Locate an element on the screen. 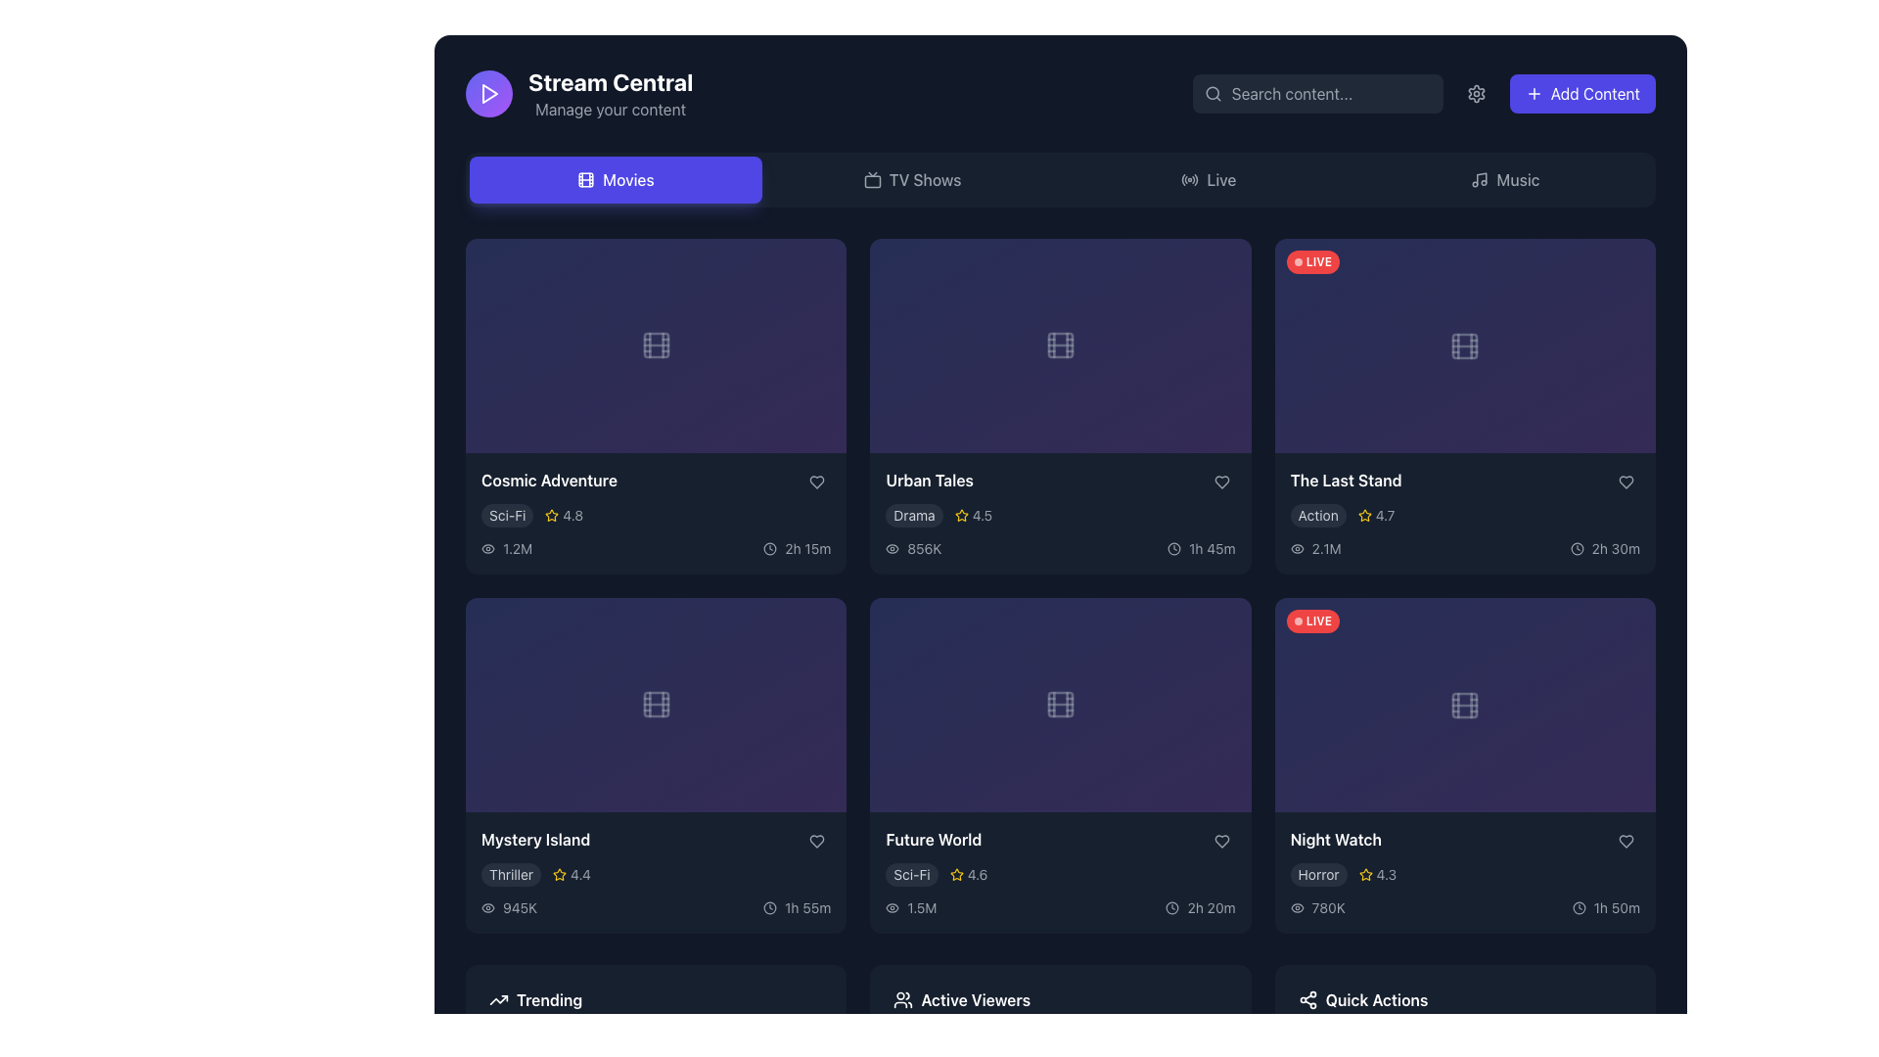 The width and height of the screenshot is (1879, 1057). displayed duration of the movie 'Cosmic Adventure' from the text label located in the 'Cosmic Adventure' section of the 'Movies' category in the 'Stream Central' interface is located at coordinates (807, 548).